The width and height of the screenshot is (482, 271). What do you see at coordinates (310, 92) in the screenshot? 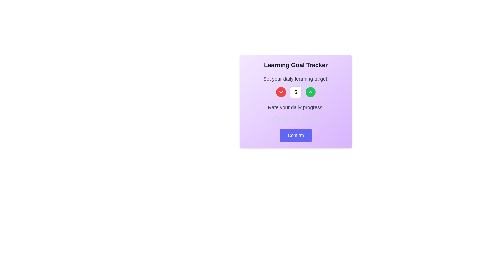
I see `the increment button located to the right of the number box in the 'Set your daily learning target' section` at bounding box center [310, 92].